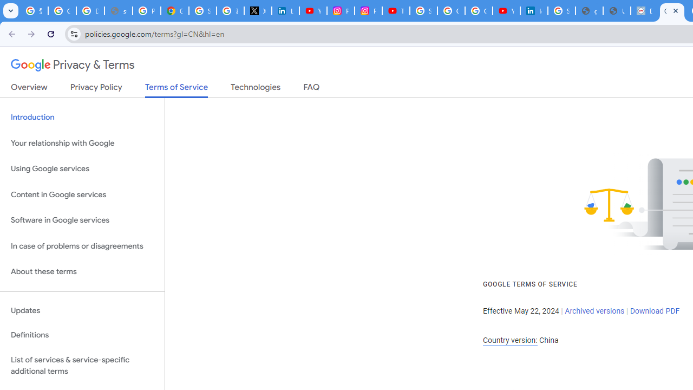 The image size is (693, 390). What do you see at coordinates (82, 366) in the screenshot?
I see `'List of services & service-specific additional terms'` at bounding box center [82, 366].